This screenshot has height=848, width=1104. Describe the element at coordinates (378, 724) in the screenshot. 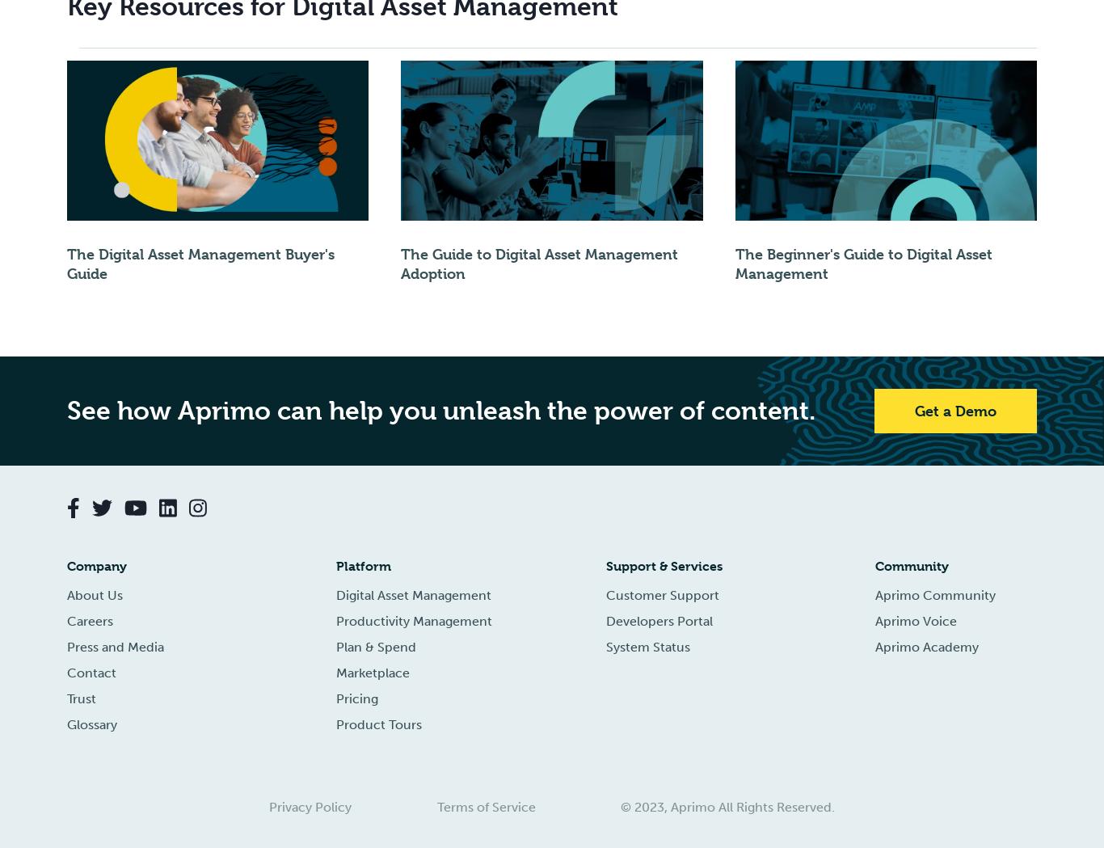

I see `'Product Tours'` at that location.